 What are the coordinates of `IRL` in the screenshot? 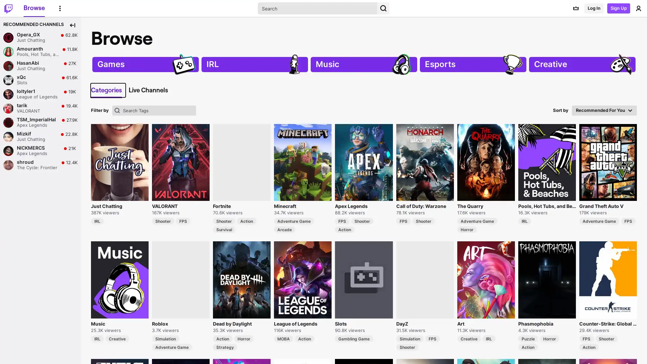 It's located at (97, 339).